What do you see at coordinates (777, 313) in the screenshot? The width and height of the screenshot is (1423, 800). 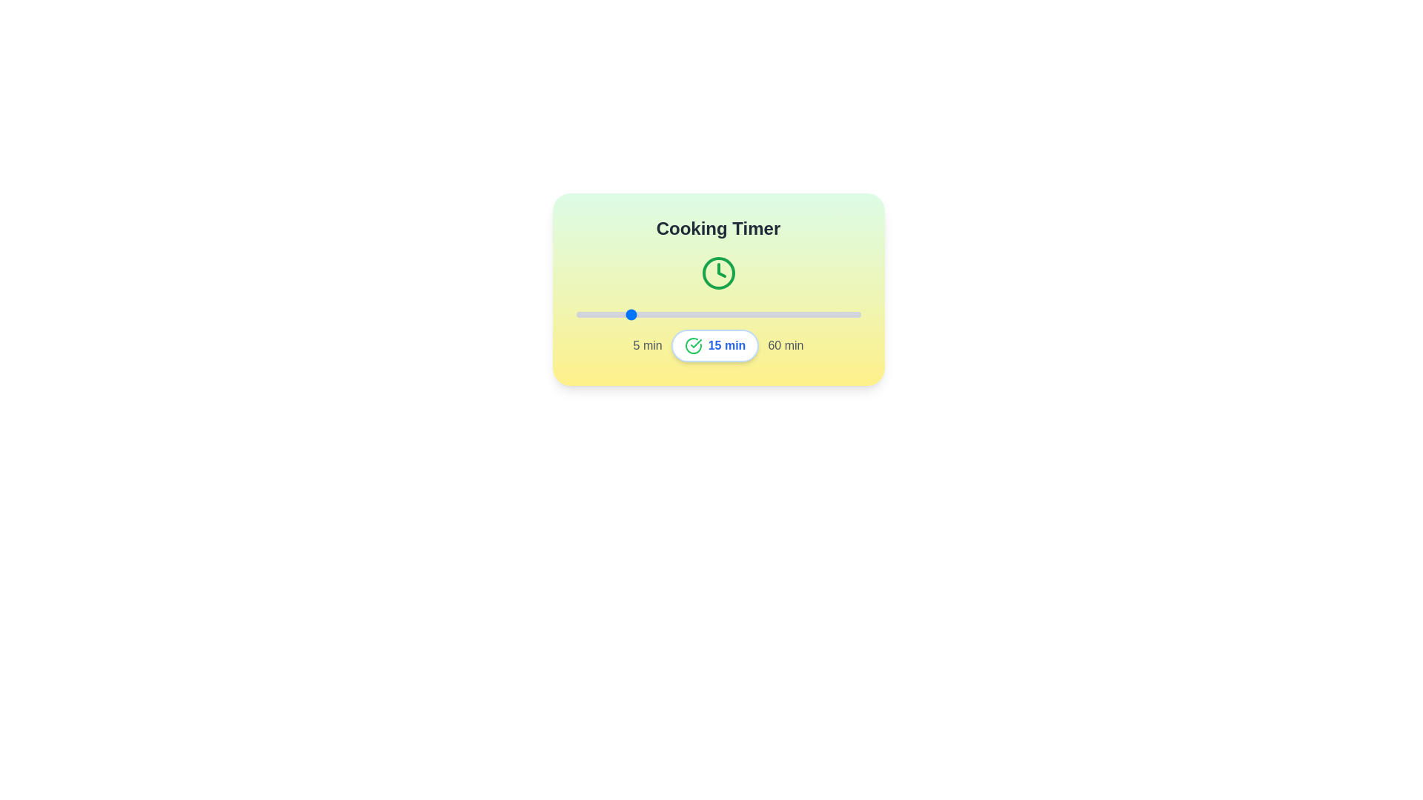 I see `the timer` at bounding box center [777, 313].